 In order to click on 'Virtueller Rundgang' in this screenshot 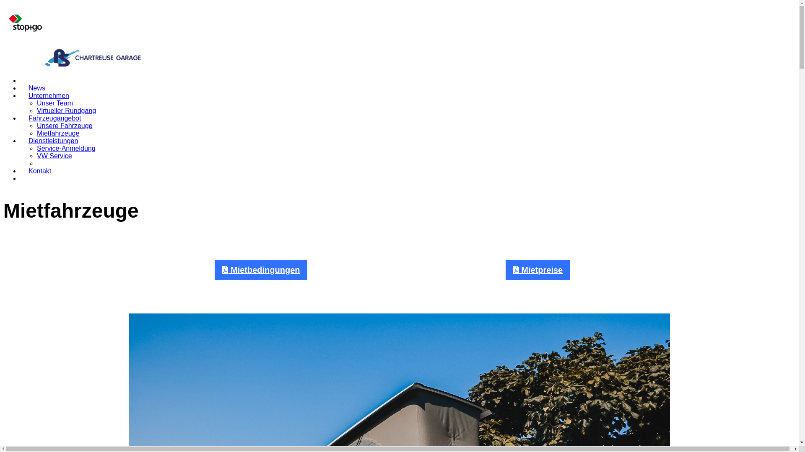, I will do `click(66, 110)`.